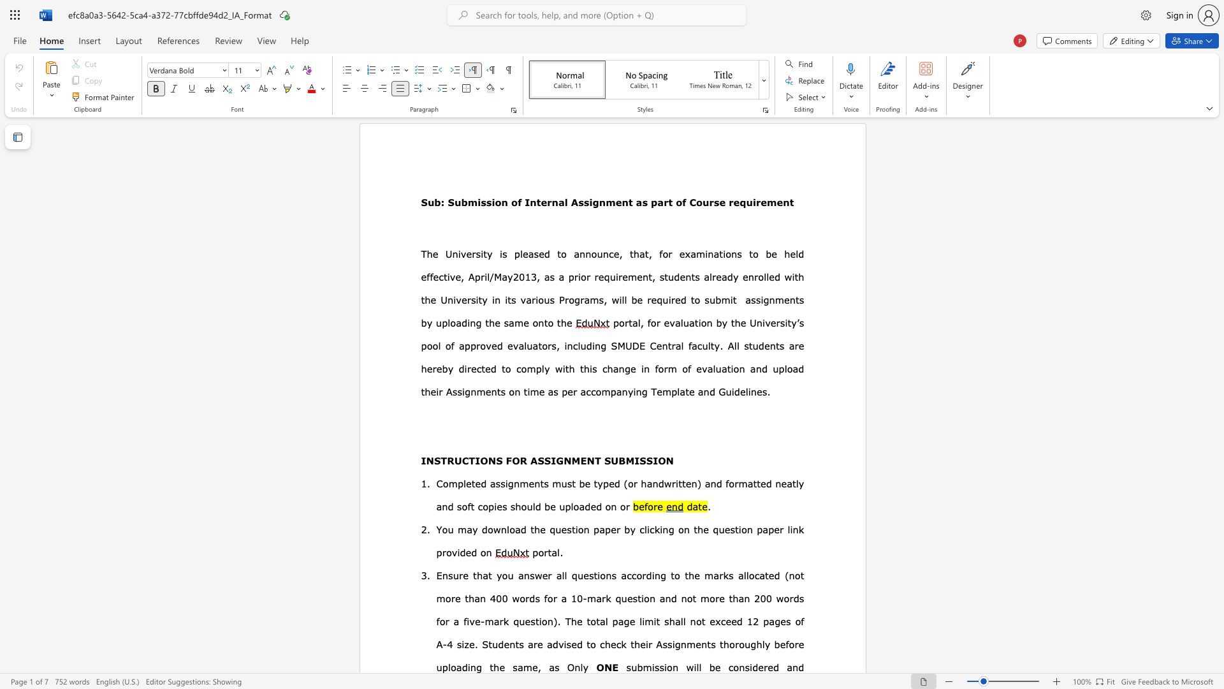 This screenshot has height=689, width=1224. I want to click on the subset text "ub" within the text "submission", so click(631, 666).